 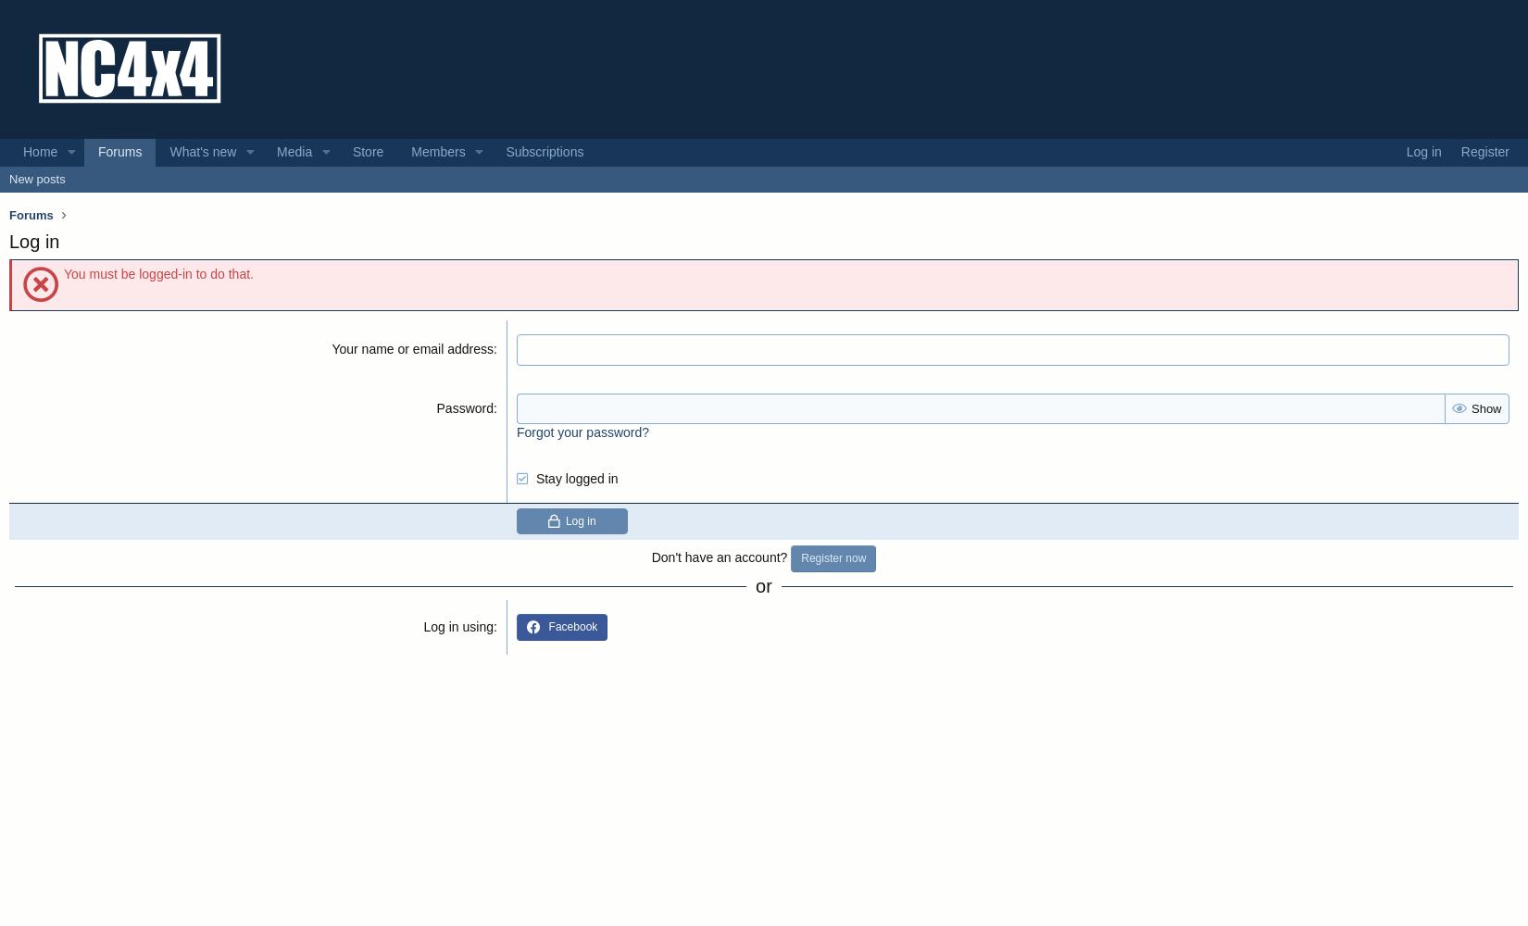 I want to click on 'What's new', so click(x=169, y=152).